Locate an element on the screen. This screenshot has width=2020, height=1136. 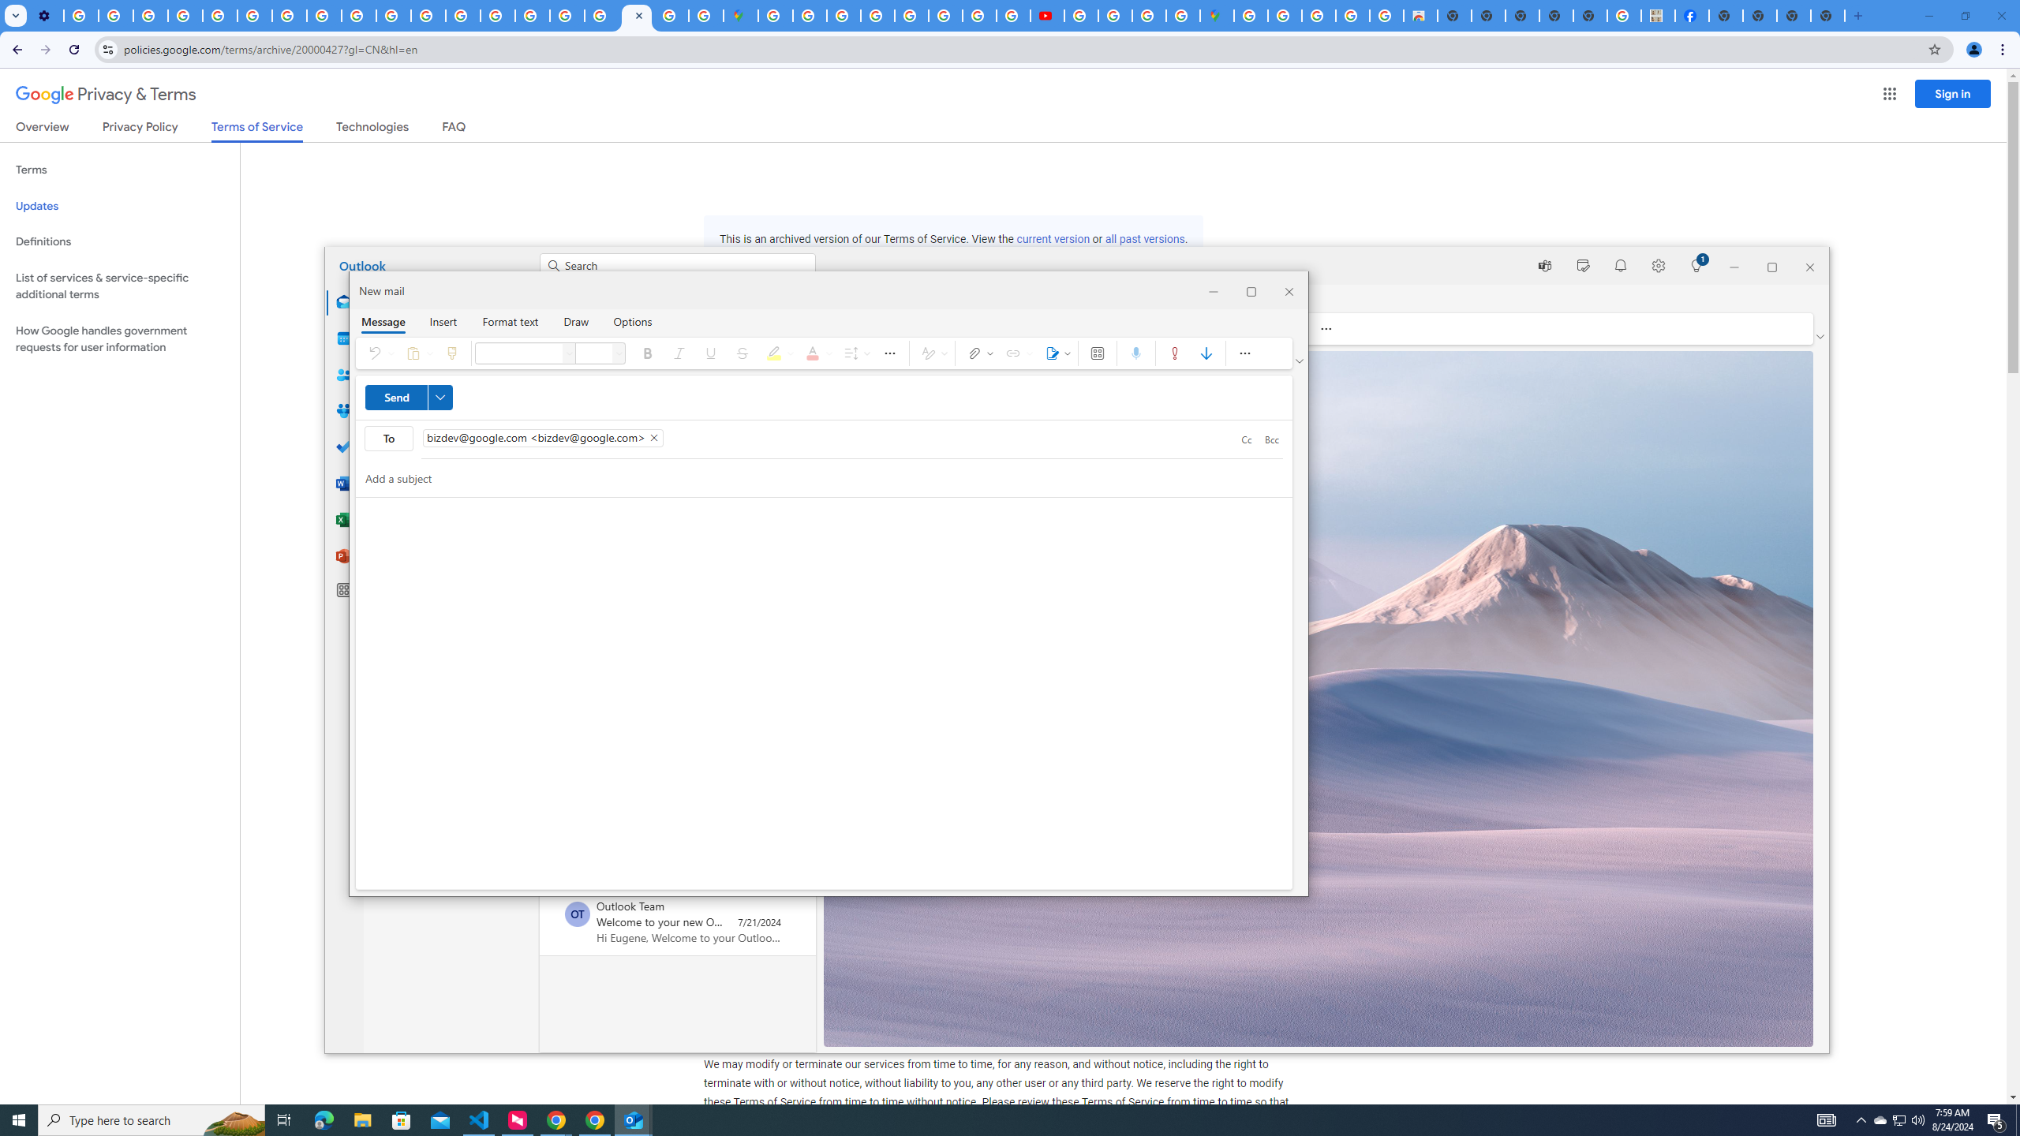
'Text highlight color' is located at coordinates (777, 353).